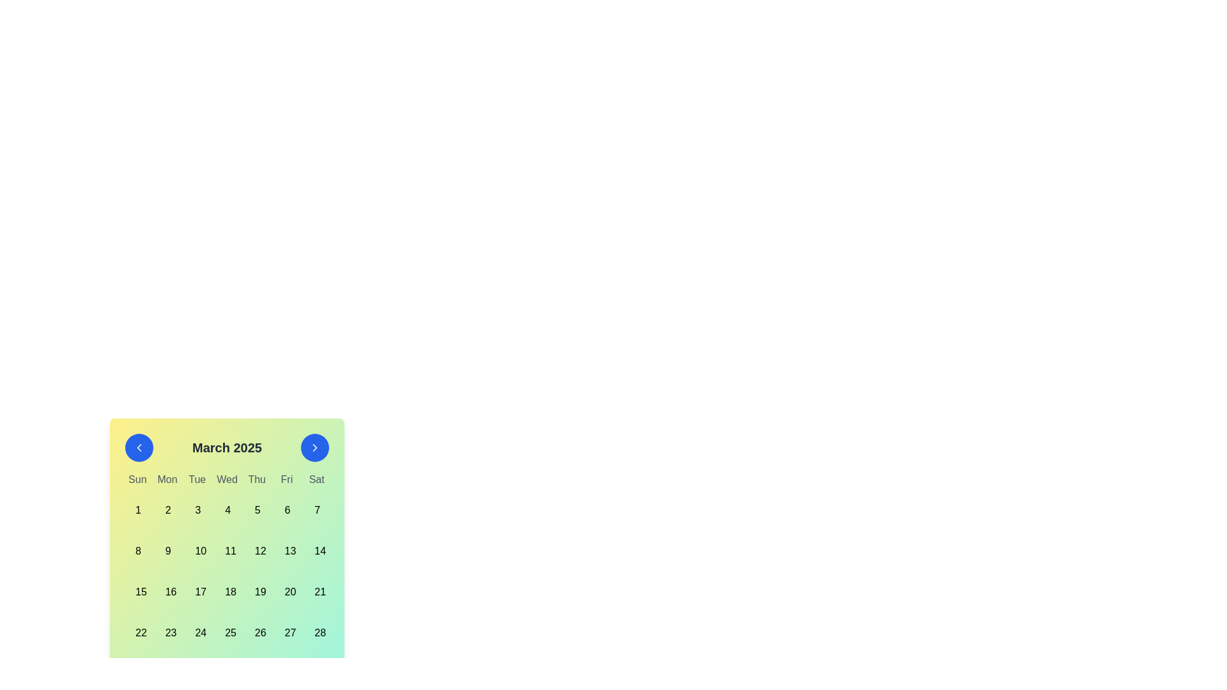  Describe the element at coordinates (167, 633) in the screenshot. I see `the square button with a green background and the number '23' centered in black text, located in the fourth row and second column of the calendar's week grid` at that location.